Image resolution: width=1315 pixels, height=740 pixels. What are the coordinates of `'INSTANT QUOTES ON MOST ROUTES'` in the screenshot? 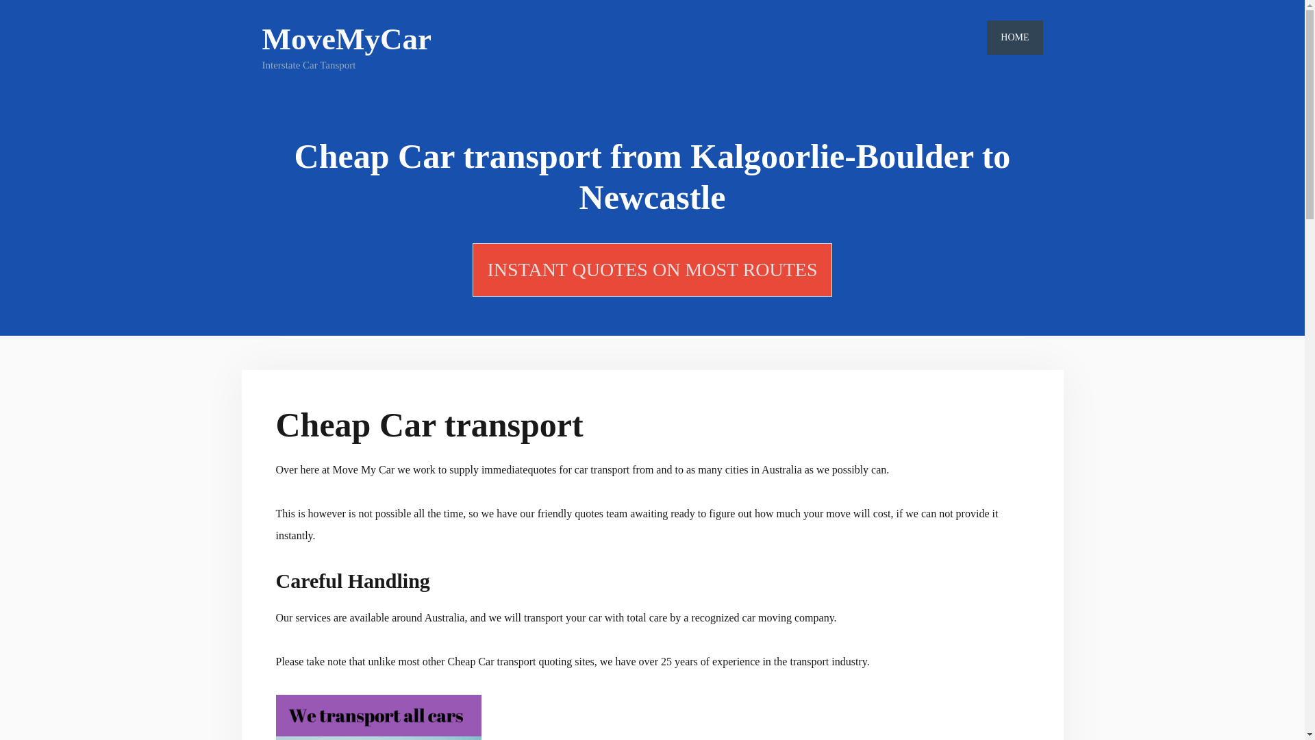 It's located at (651, 269).